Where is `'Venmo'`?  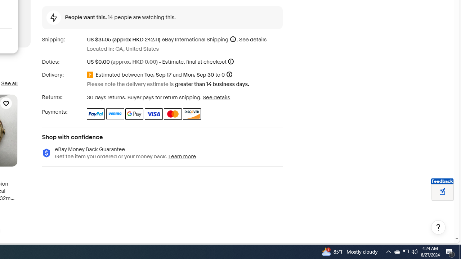 'Venmo' is located at coordinates (115, 113).